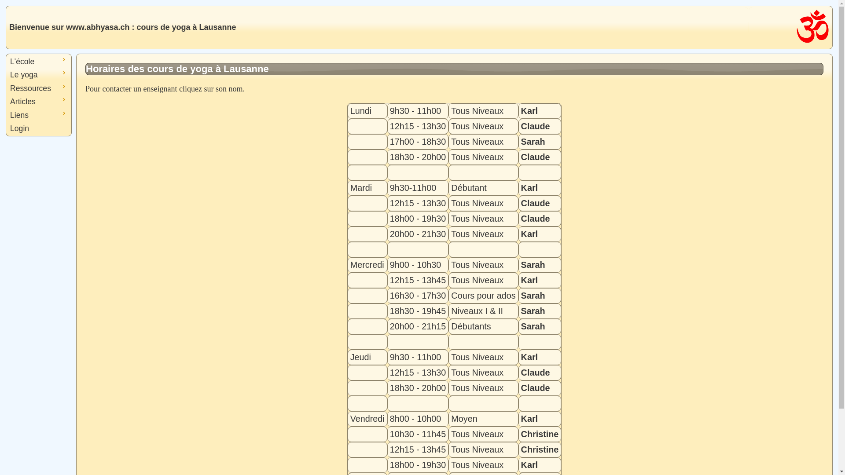 This screenshot has width=845, height=475. What do you see at coordinates (521, 326) in the screenshot?
I see `'Sarah'` at bounding box center [521, 326].